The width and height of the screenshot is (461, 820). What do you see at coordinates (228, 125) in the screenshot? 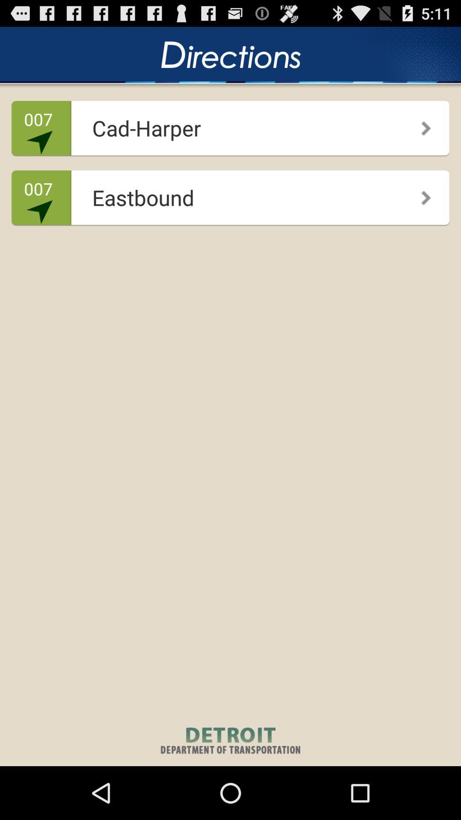
I see `the cad-harper icon` at bounding box center [228, 125].